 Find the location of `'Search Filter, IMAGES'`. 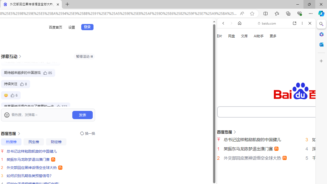

'Search Filter, IMAGES' is located at coordinates (240, 86).